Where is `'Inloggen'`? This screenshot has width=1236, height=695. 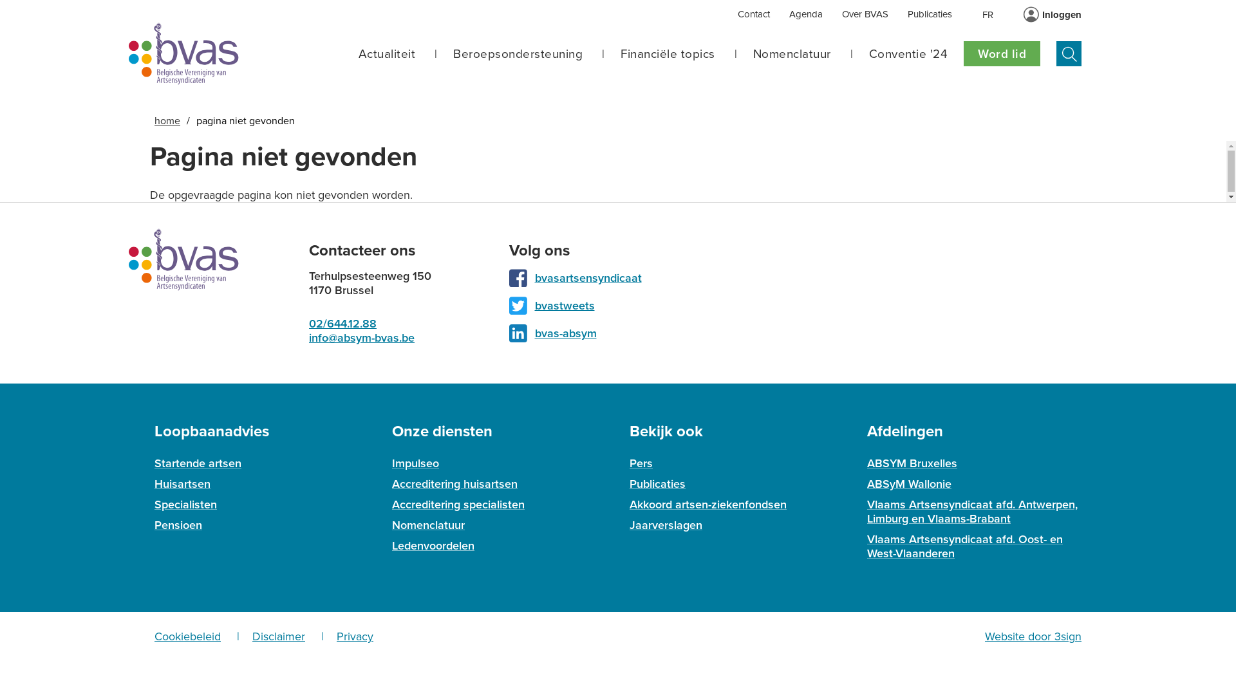
'Inloggen' is located at coordinates (1062, 15).